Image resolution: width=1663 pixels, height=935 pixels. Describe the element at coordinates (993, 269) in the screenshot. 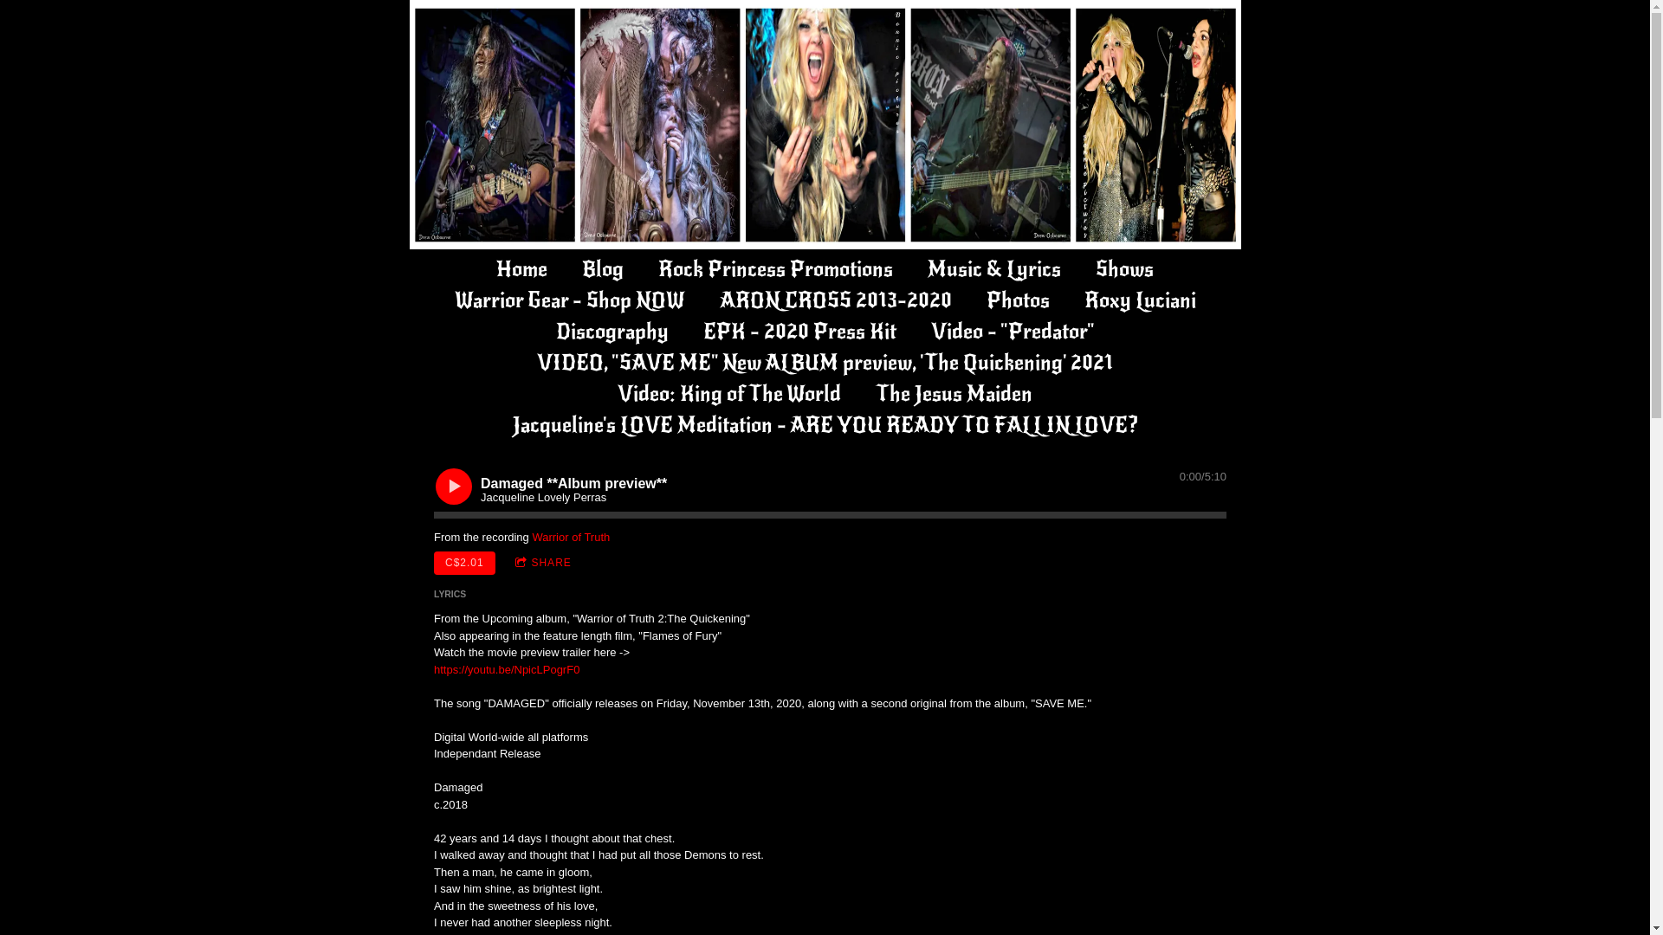

I see `'Music & Lyrics'` at that location.